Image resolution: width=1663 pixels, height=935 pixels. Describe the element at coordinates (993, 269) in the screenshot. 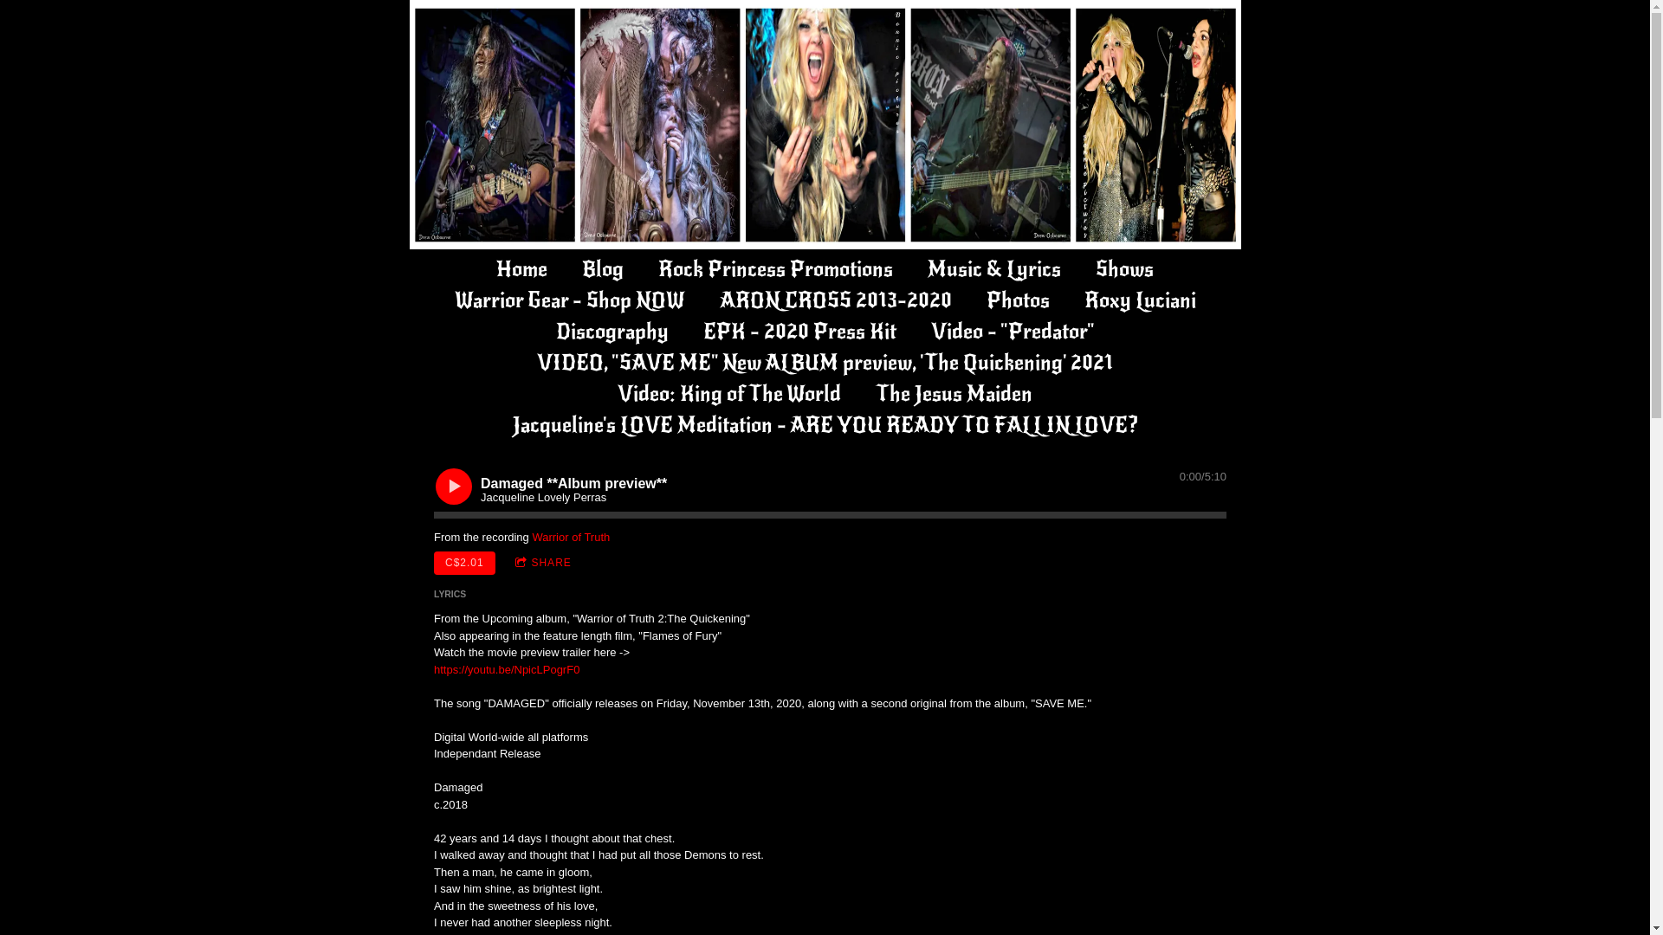

I see `'Music & Lyrics'` at that location.